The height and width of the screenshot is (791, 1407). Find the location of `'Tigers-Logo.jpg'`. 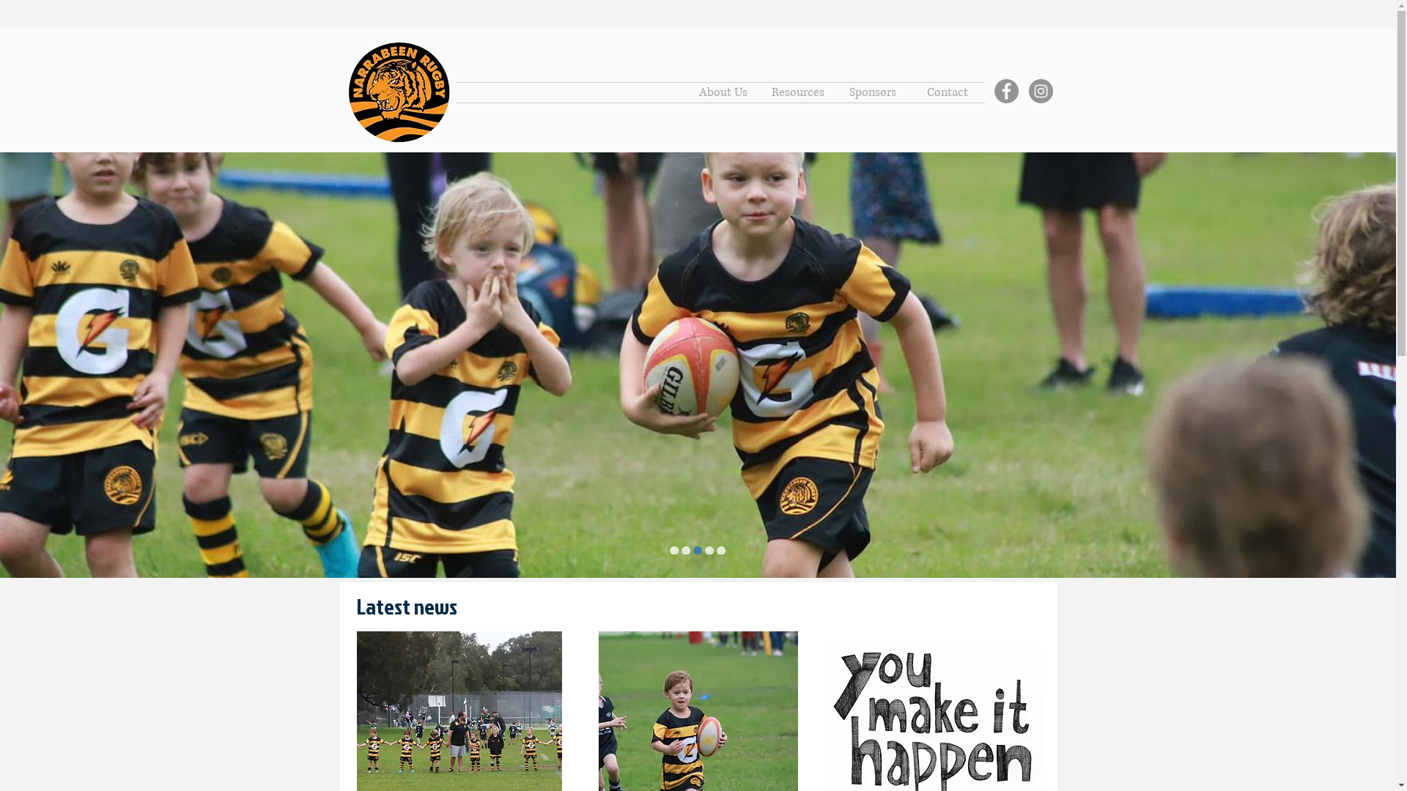

'Tigers-Logo.jpg' is located at coordinates (399, 92).